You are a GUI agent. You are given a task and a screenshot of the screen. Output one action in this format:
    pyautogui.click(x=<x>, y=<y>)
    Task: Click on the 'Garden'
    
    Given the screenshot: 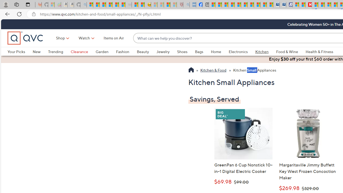 What is the action you would take?
    pyautogui.click(x=102, y=51)
    